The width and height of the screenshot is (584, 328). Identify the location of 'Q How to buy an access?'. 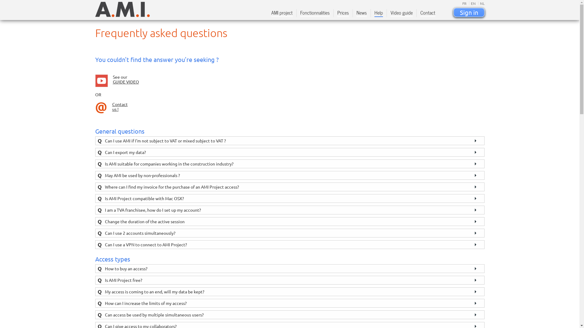
(289, 268).